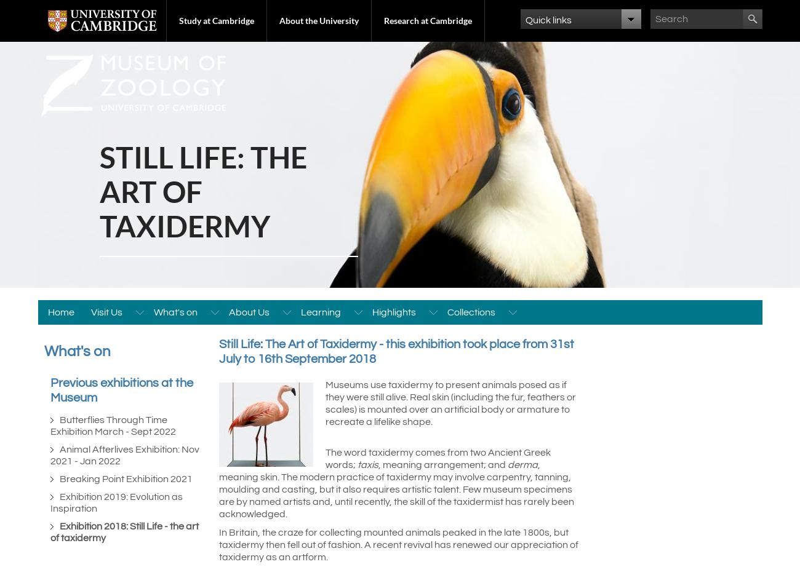 This screenshot has width=800, height=583. Describe the element at coordinates (377, 465) in the screenshot. I see `', meaning arrangement; and'` at that location.